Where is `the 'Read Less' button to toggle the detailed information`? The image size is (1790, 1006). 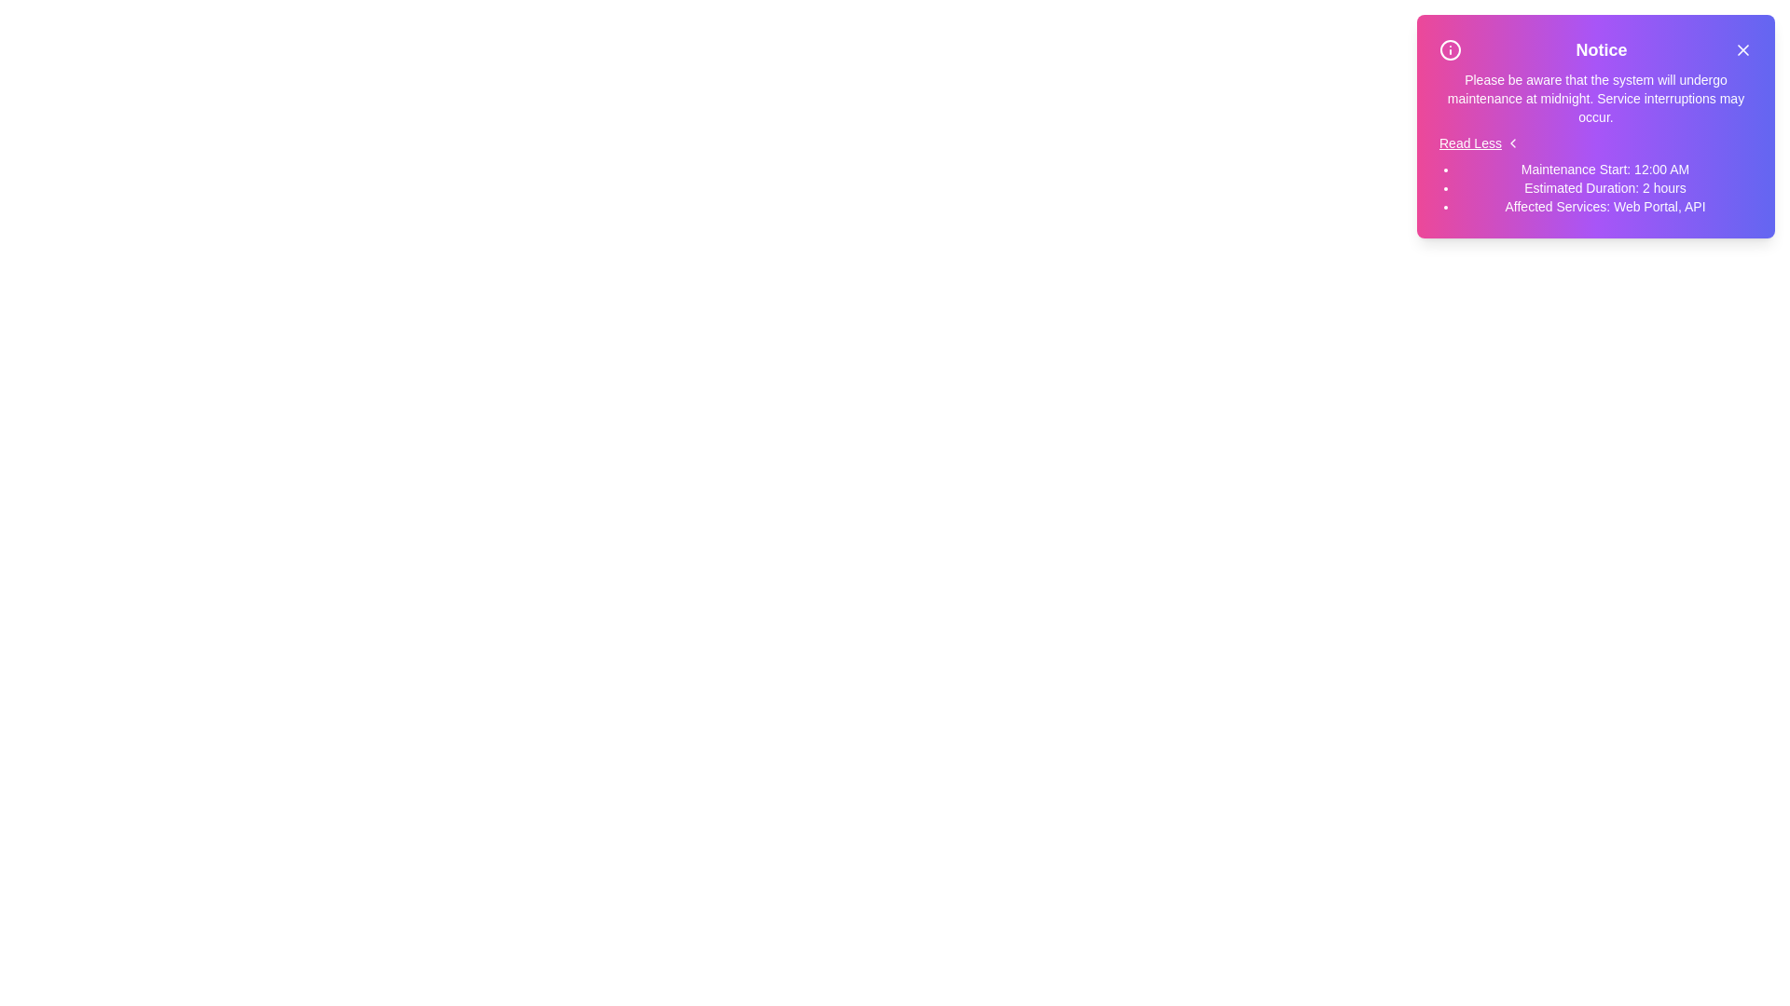 the 'Read Less' button to toggle the detailed information is located at coordinates (1479, 143).